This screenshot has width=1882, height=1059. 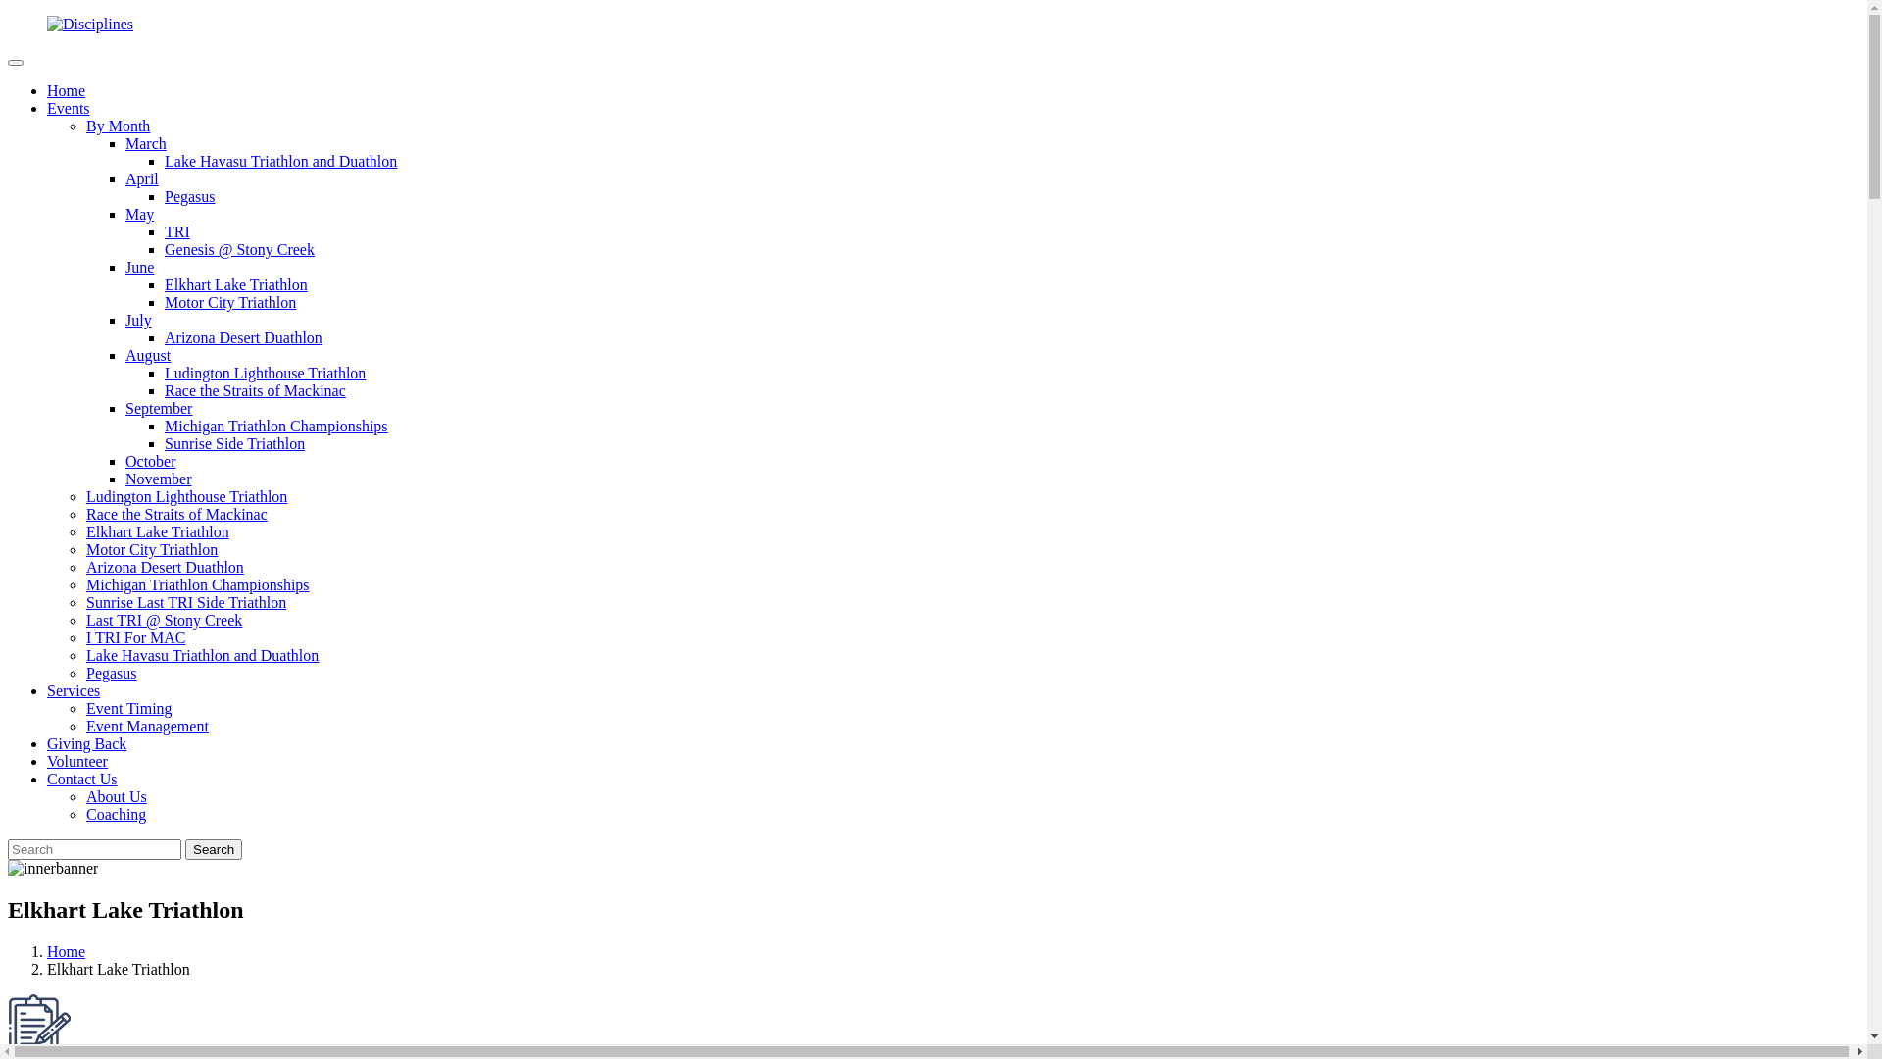 What do you see at coordinates (84, 796) in the screenshot?
I see `'About Us'` at bounding box center [84, 796].